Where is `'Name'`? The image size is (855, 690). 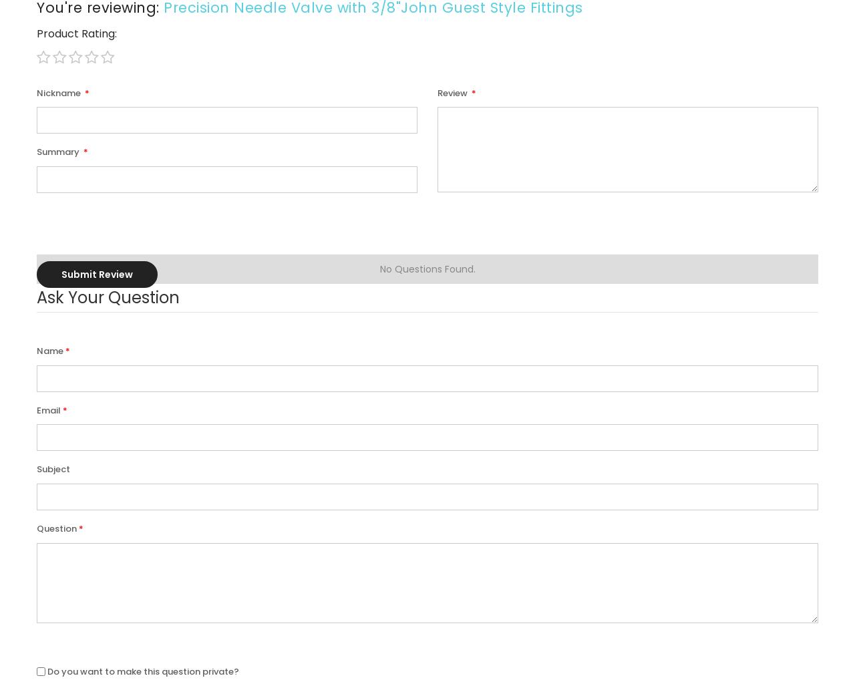 'Name' is located at coordinates (50, 349).